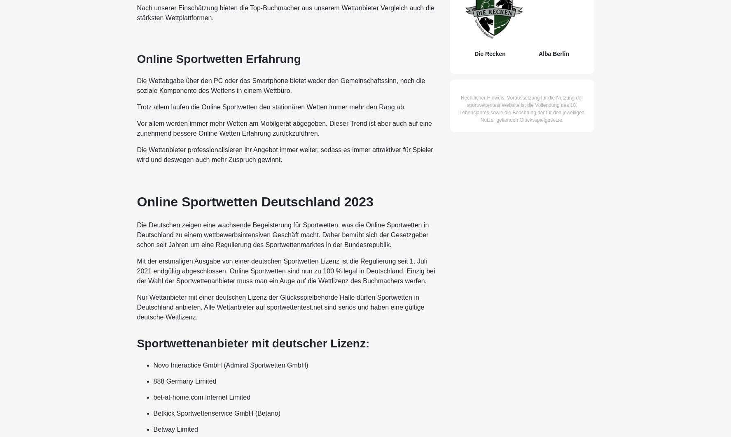 The image size is (731, 437). Describe the element at coordinates (284, 155) in the screenshot. I see `'Die Wettanbieter professionalisieren ihr Angebot immer weiter, sodass es immer attraktiver für Spieler wird und deswegen auch mehr Zuspruch gewinnt.'` at that location.